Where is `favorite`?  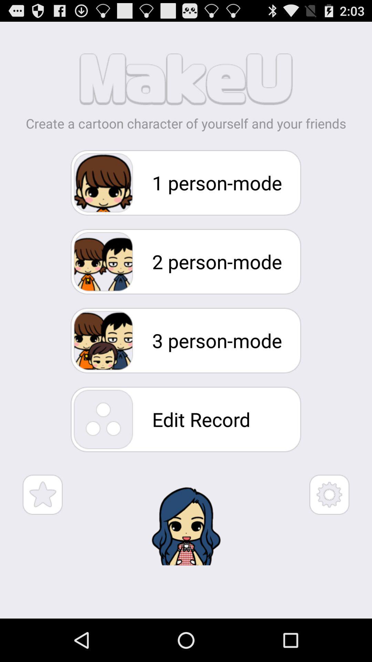 favorite is located at coordinates (42, 494).